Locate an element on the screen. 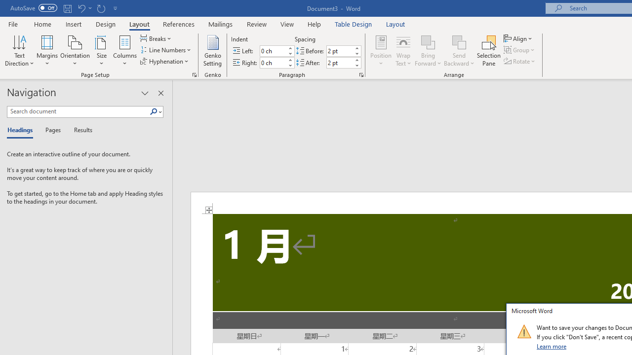 The height and width of the screenshot is (355, 632). 'Send Backward' is located at coordinates (459, 51).